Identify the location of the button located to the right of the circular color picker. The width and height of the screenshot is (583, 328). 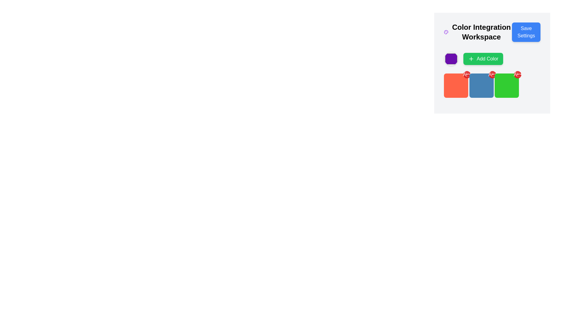
(483, 59).